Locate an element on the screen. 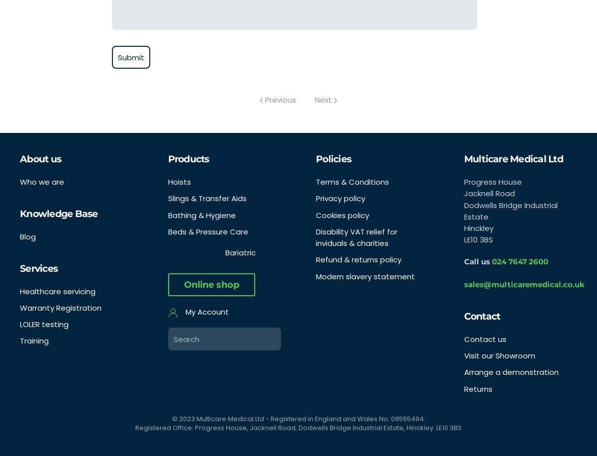  'LOLER testing' is located at coordinates (44, 324).